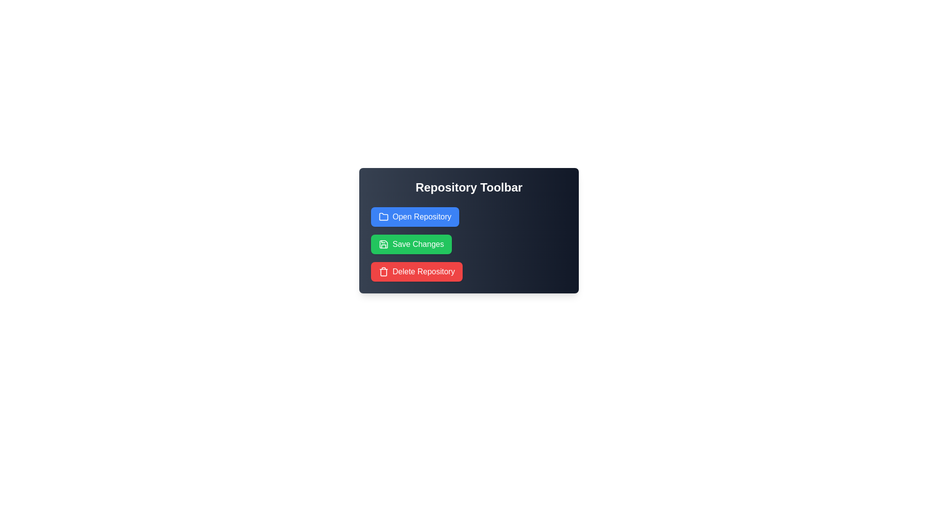 The height and width of the screenshot is (529, 941). Describe the element at coordinates (415, 216) in the screenshot. I see `the blue, rounded rectangular button labeled 'Open Repository' located at the top of the 'Repository Toolbar' section` at that location.